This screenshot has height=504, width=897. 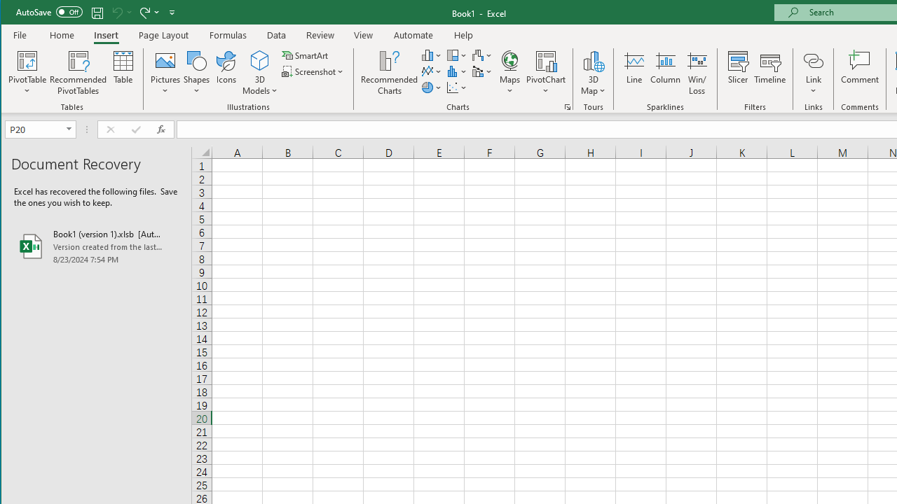 What do you see at coordinates (105, 34) in the screenshot?
I see `'Insert'` at bounding box center [105, 34].